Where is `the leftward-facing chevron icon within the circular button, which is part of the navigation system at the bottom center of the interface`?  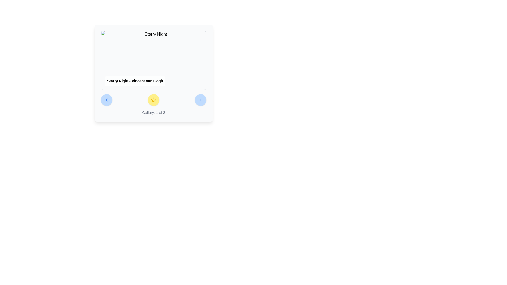 the leftward-facing chevron icon within the circular button, which is part of the navigation system at the bottom center of the interface is located at coordinates (106, 100).